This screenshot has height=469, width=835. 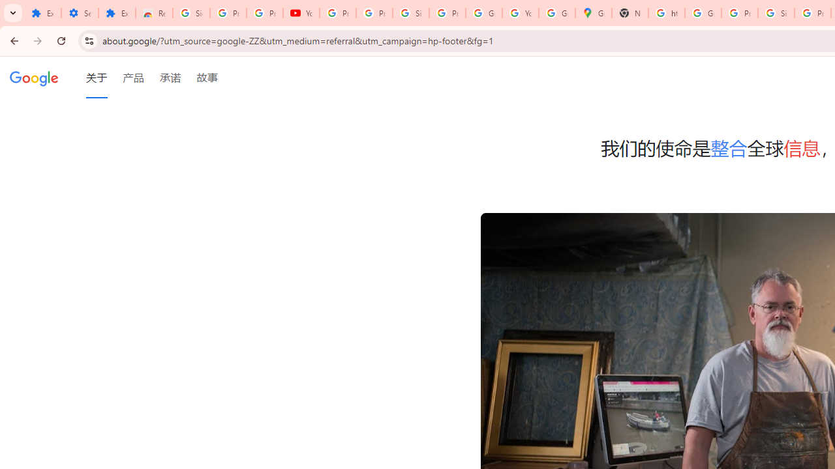 What do you see at coordinates (667, 13) in the screenshot?
I see `'https://scholar.google.com/'` at bounding box center [667, 13].